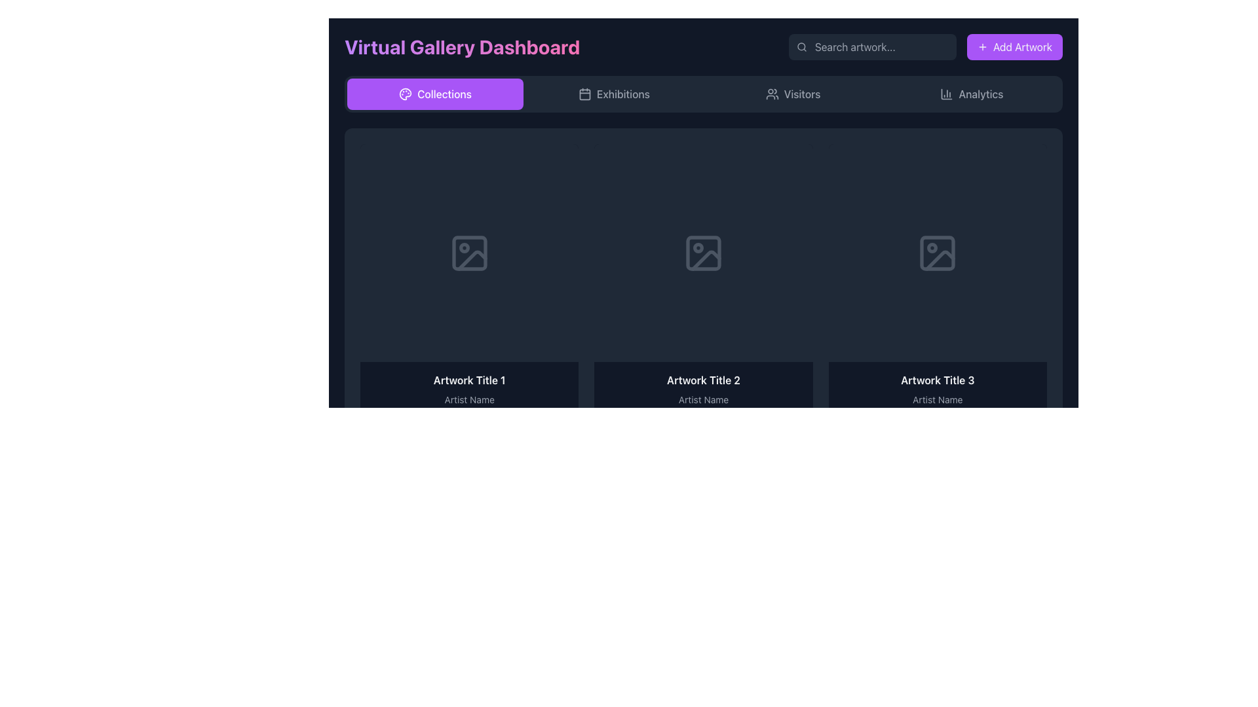  Describe the element at coordinates (405, 93) in the screenshot. I see `the painter's palette icon located to the left of the 'Collections' button in the top navigation bar, which is visually characterized by a circular outline and smaller circular indentations representing paint wells` at that location.